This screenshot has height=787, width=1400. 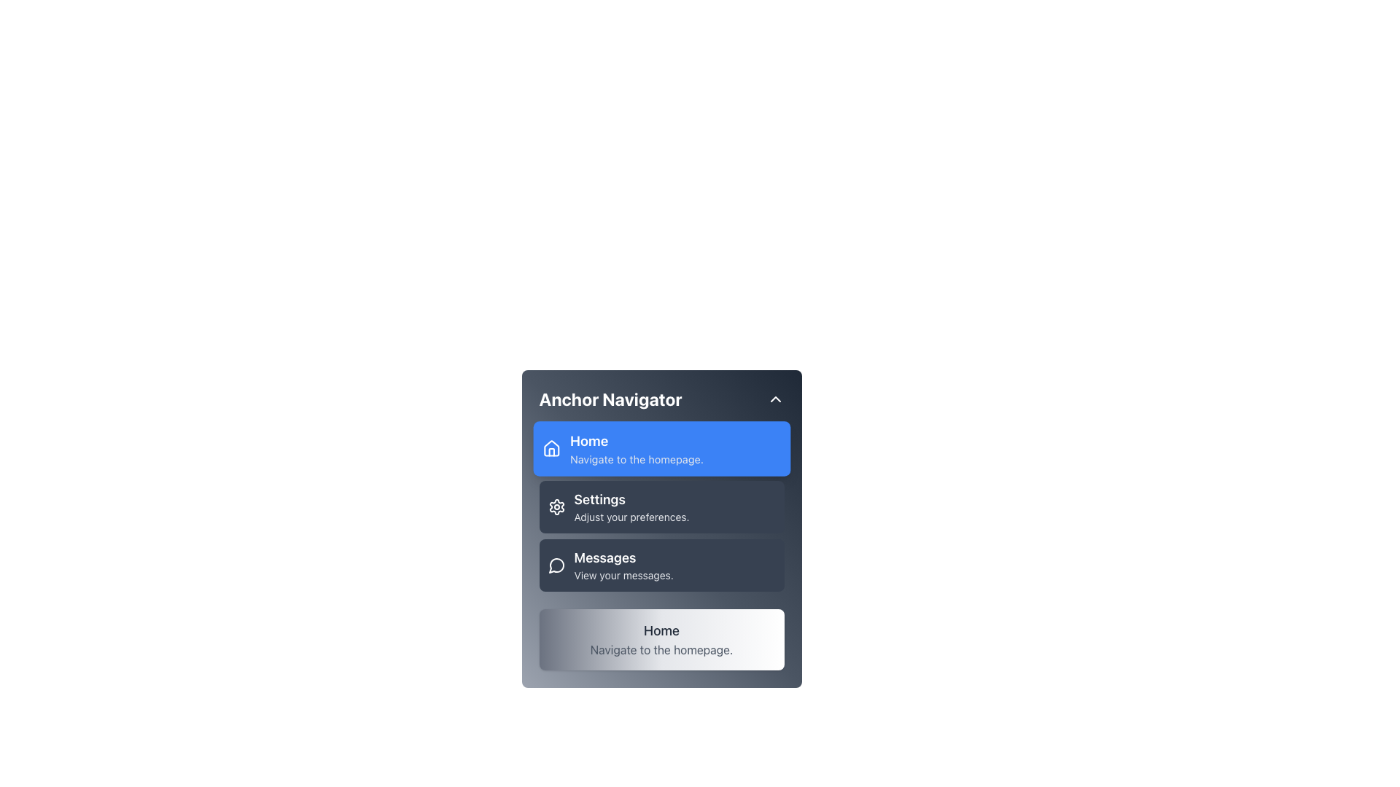 I want to click on the settings button located in the Anchor Navigator, positioned between the Home and Messages options, so click(x=661, y=506).